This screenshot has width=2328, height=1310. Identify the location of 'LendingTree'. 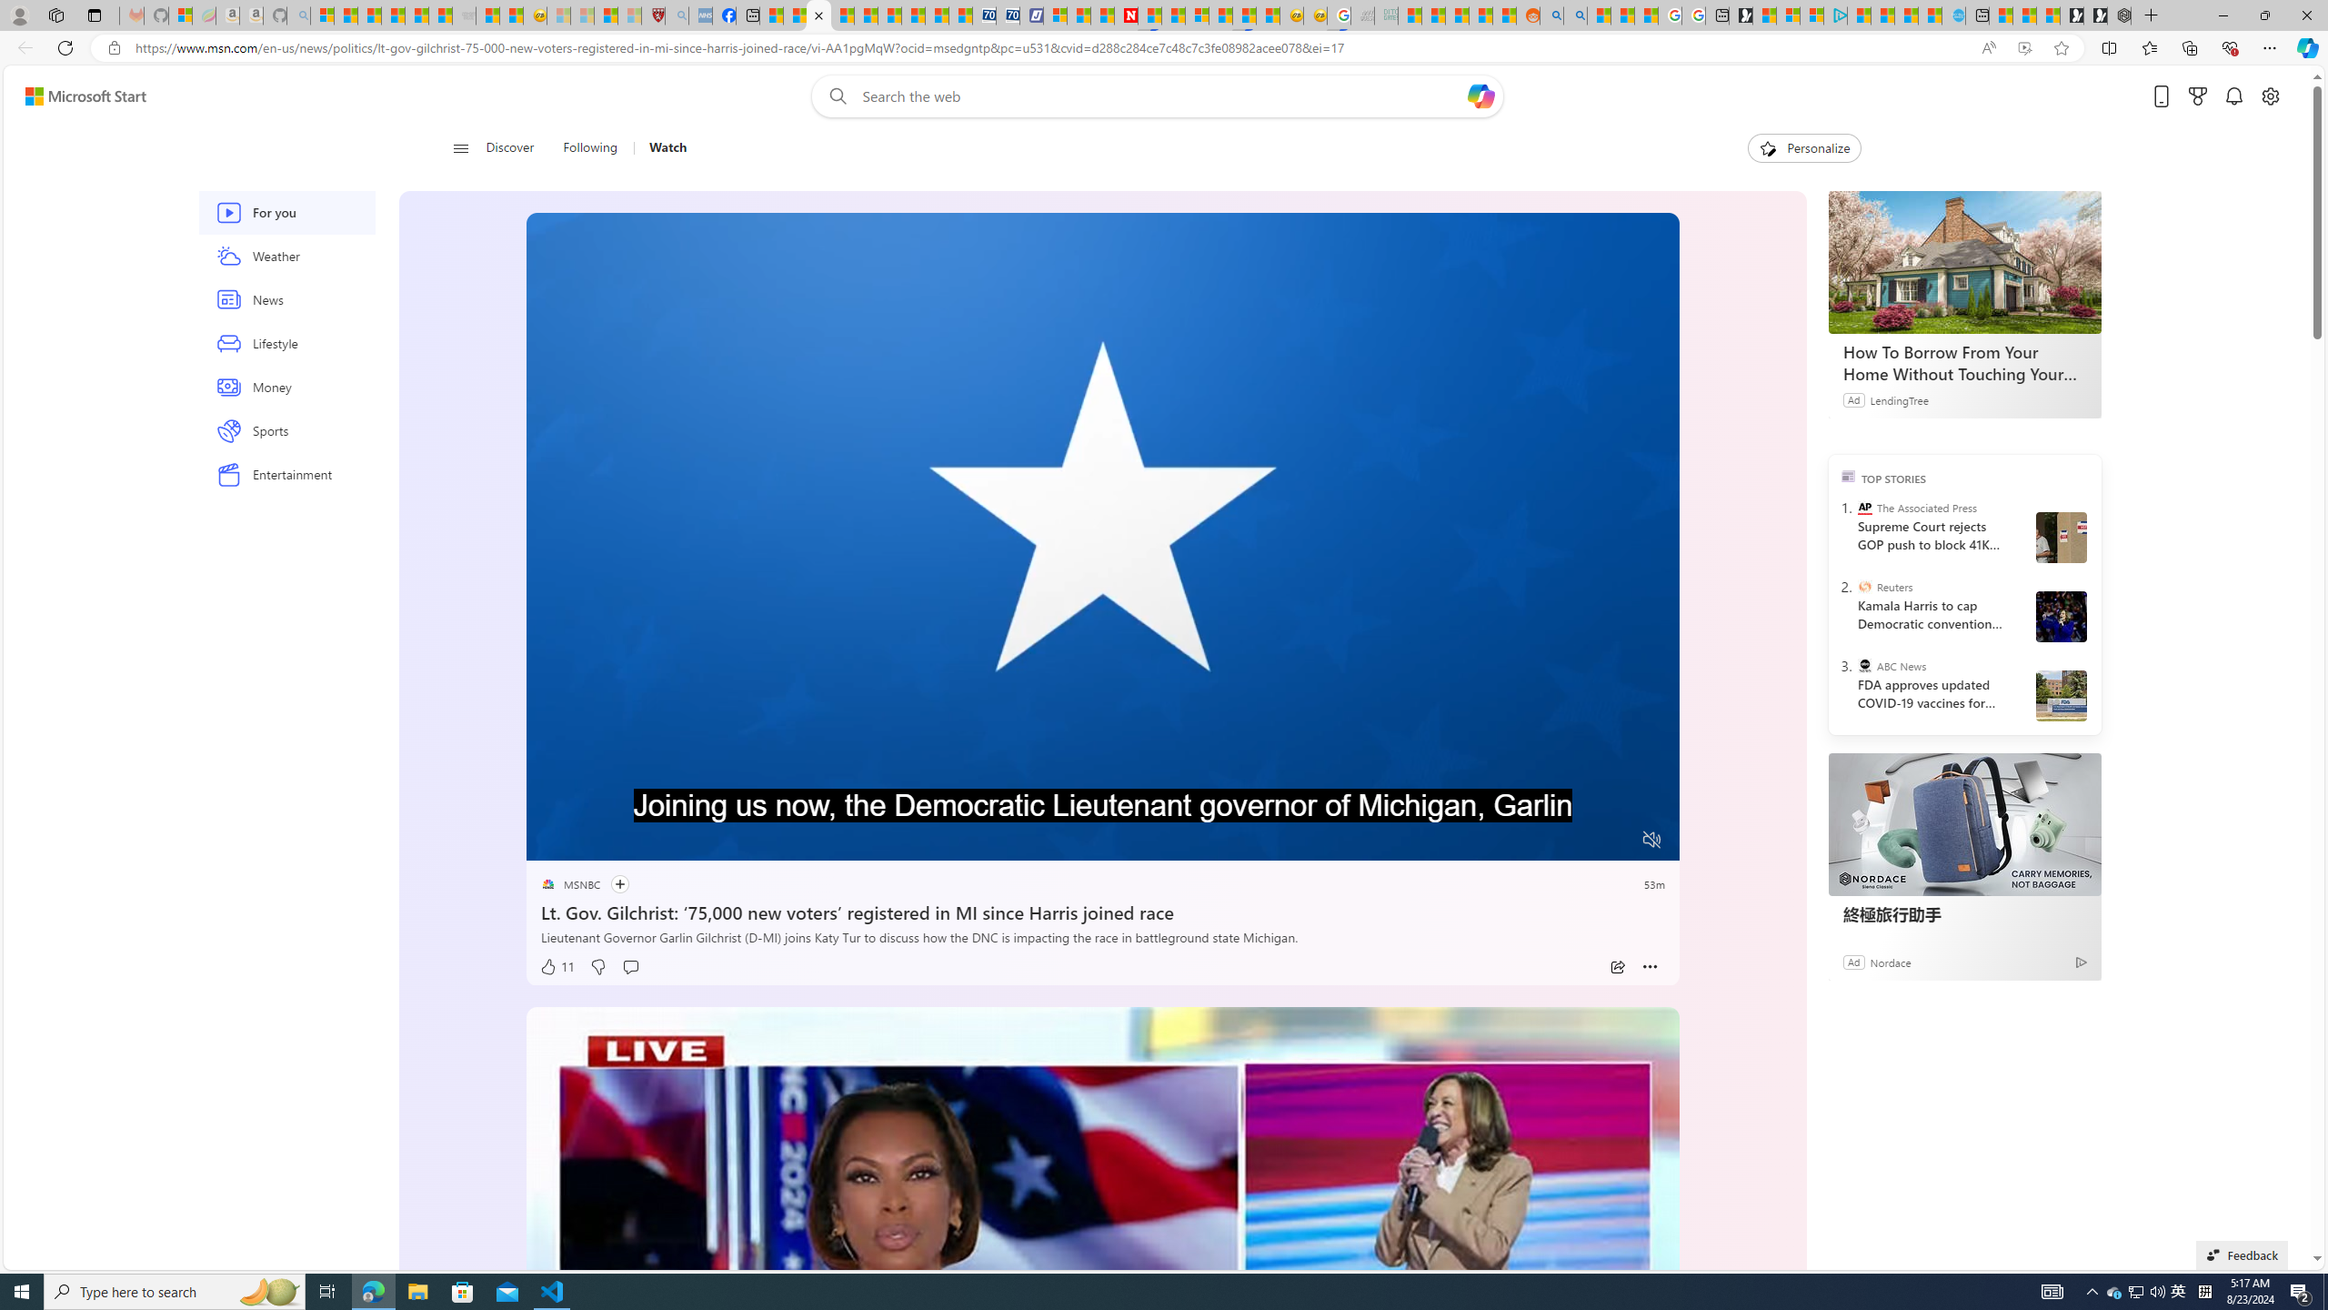
(1898, 398).